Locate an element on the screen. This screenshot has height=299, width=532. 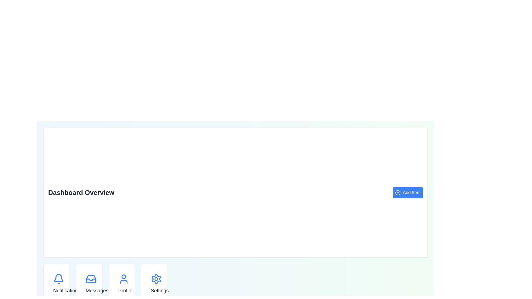
the user profile icon, which is a blue circular icon above the 'Profile' label, located in the third position of the bottom navigation bar is located at coordinates (123, 279).